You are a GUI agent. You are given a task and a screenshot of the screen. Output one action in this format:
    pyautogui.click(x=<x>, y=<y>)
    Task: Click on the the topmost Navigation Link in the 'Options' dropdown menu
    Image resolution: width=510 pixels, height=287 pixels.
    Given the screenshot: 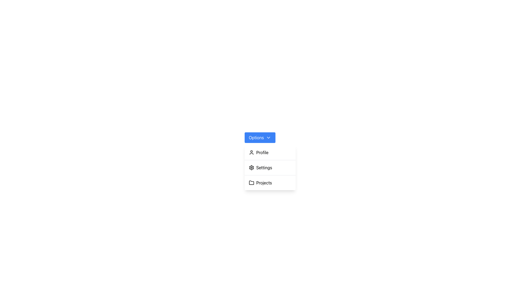 What is the action you would take?
    pyautogui.click(x=270, y=153)
    